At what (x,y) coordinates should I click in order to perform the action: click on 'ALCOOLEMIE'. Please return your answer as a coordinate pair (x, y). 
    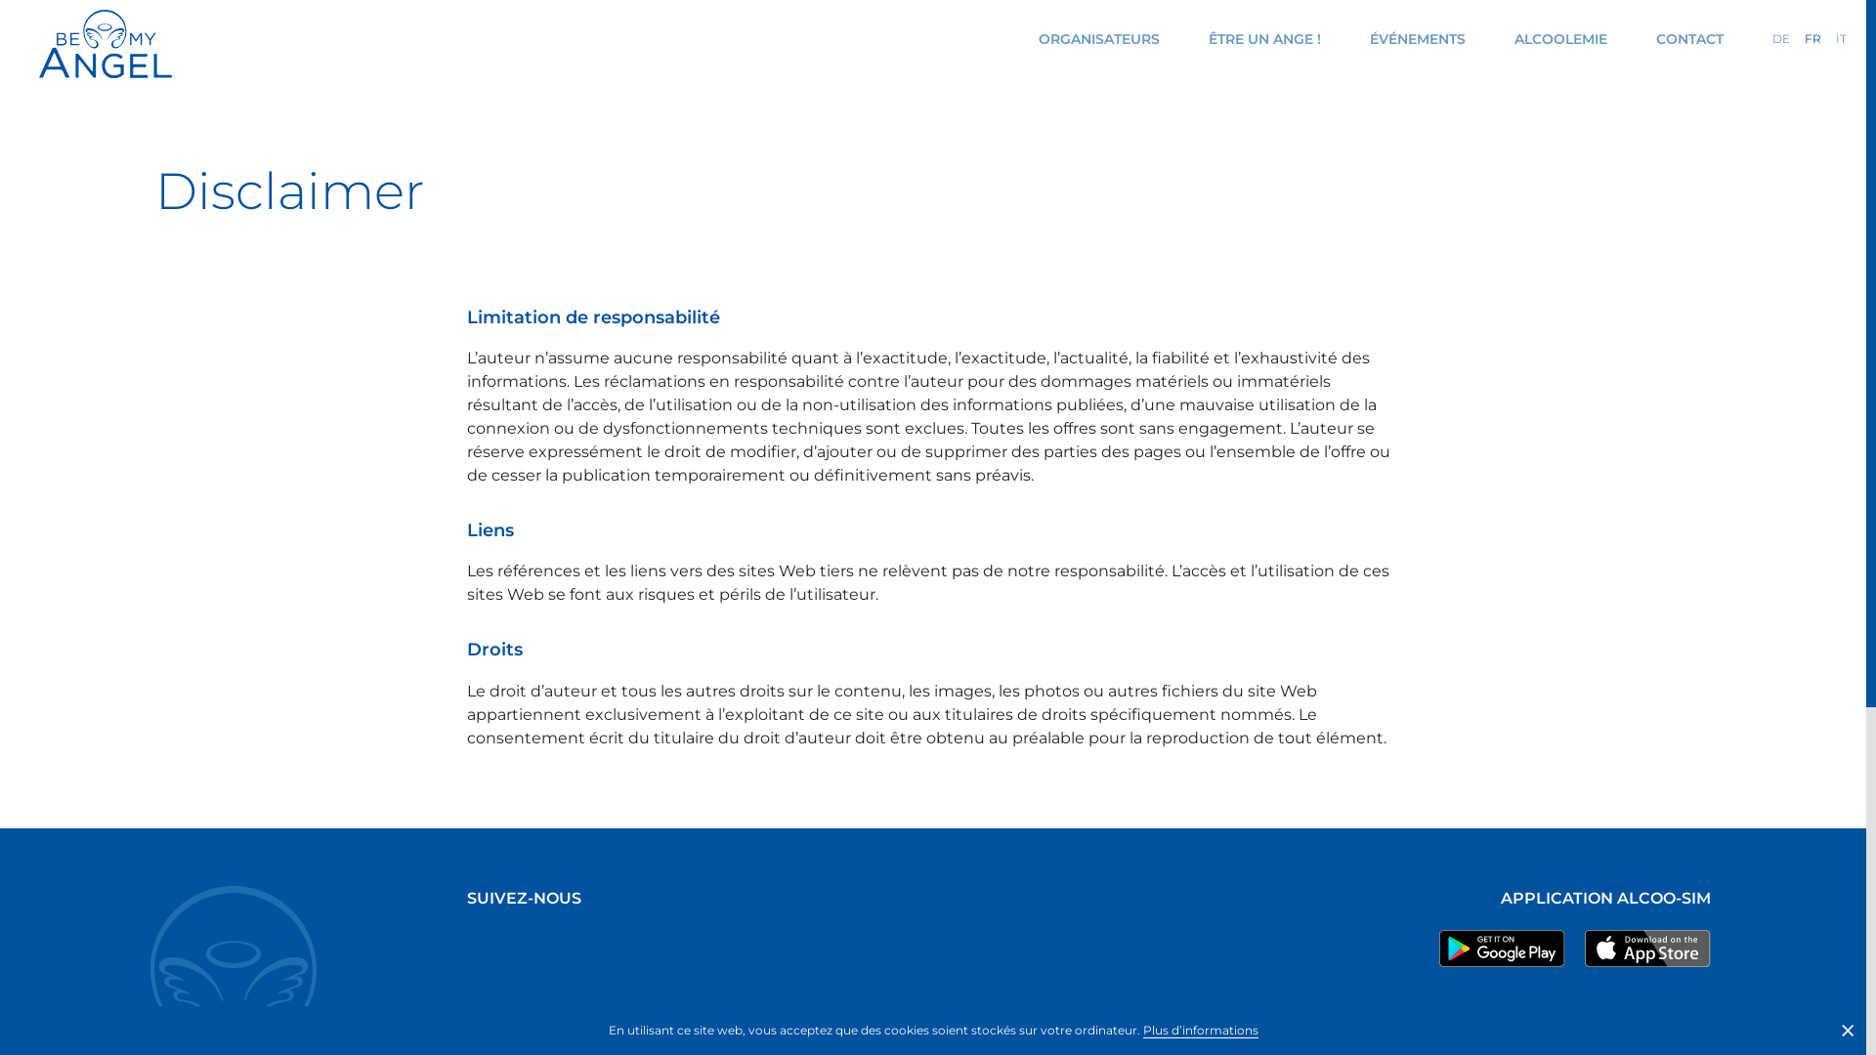
    Looking at the image, I should click on (1559, 38).